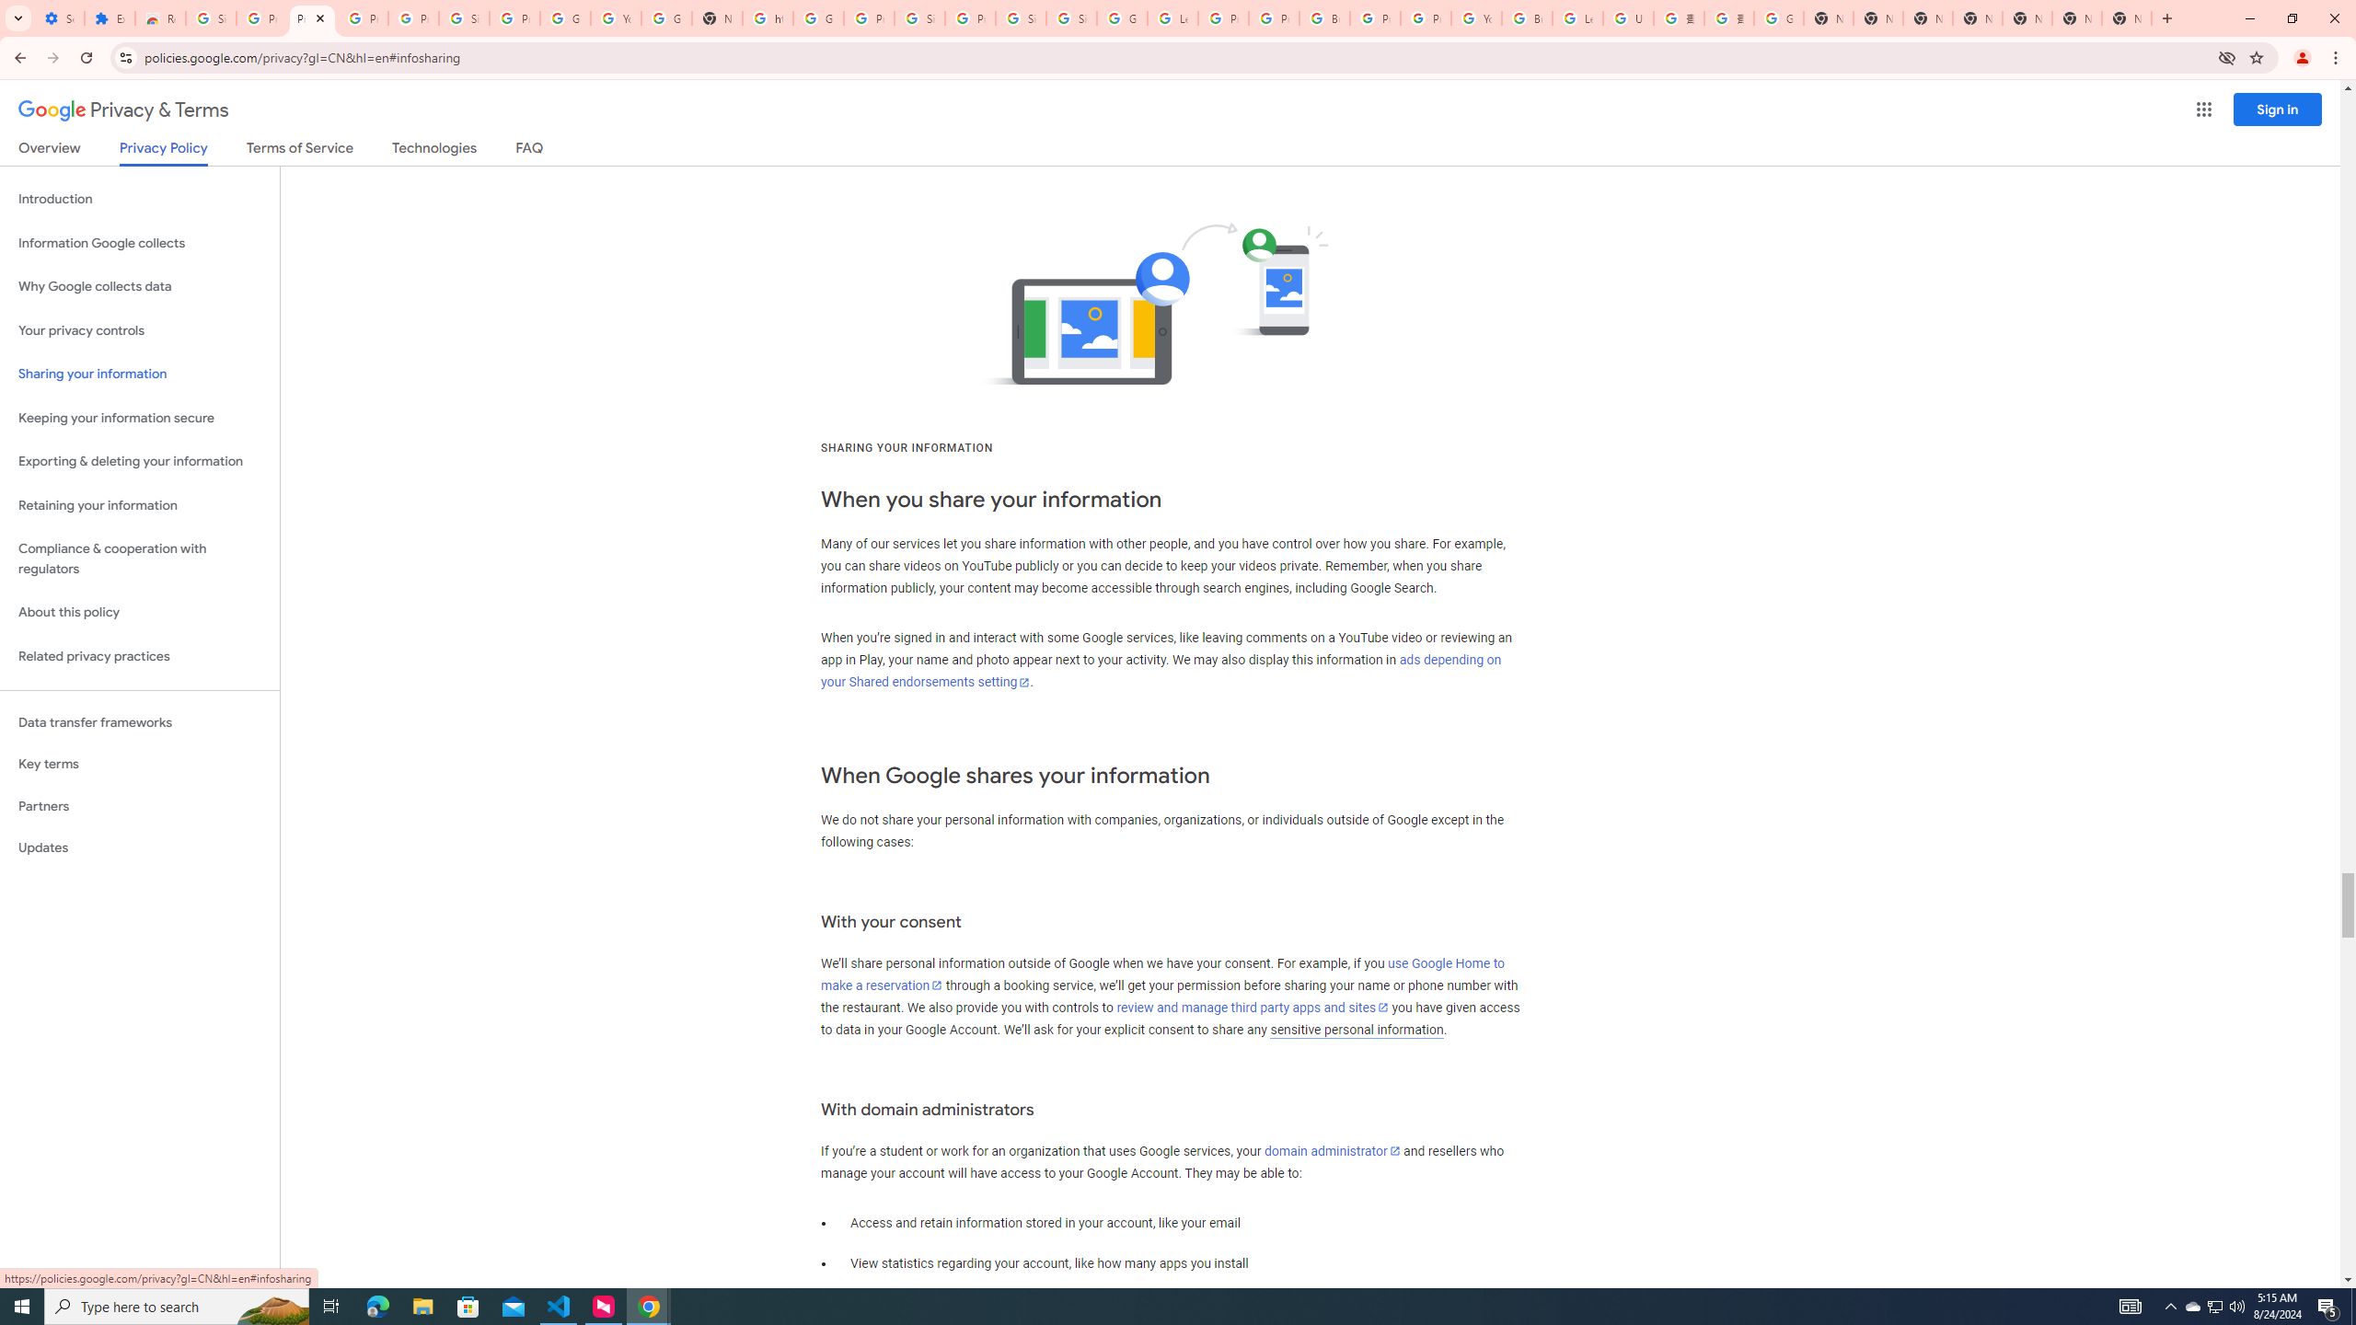 The width and height of the screenshot is (2356, 1325). What do you see at coordinates (1253, 1008) in the screenshot?
I see `'review and manage third party apps and sites'` at bounding box center [1253, 1008].